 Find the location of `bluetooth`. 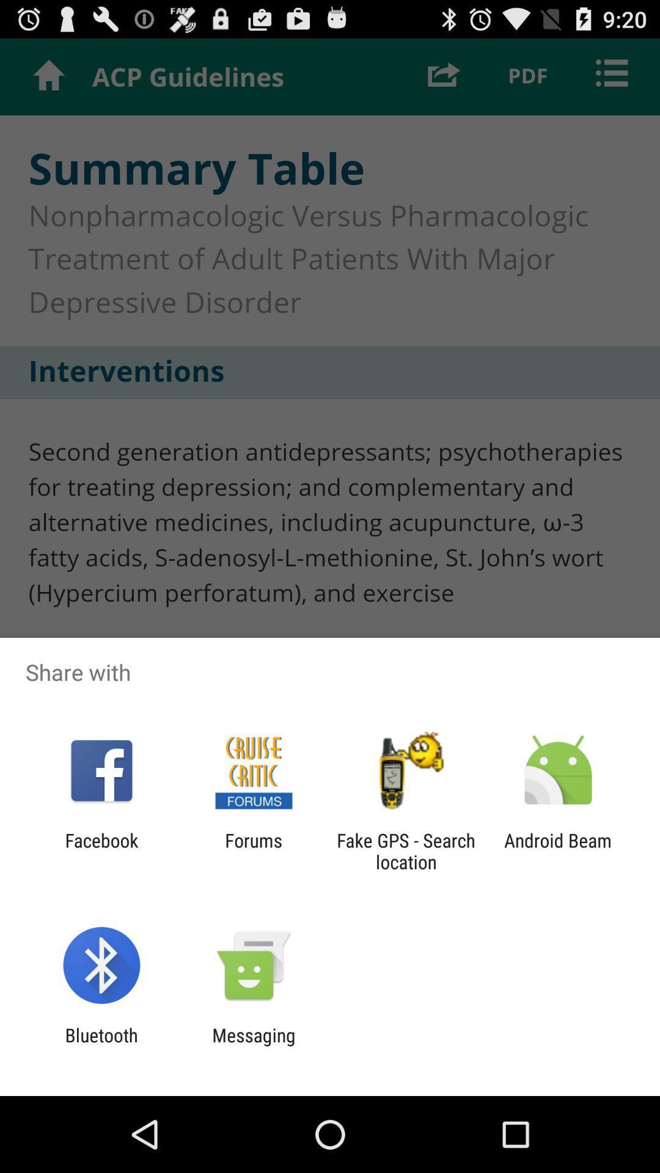

bluetooth is located at coordinates (101, 1045).